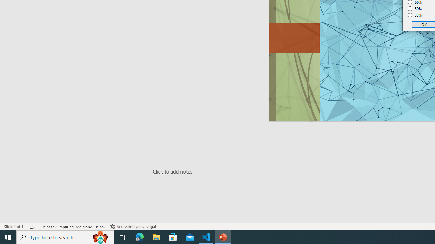 The width and height of the screenshot is (435, 244). I want to click on 'Microsoft Edge', so click(139, 237).